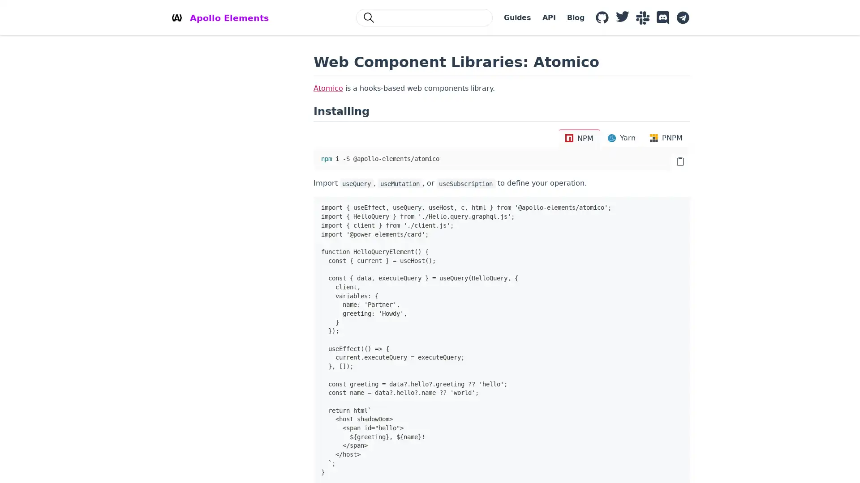 The image size is (860, 483). What do you see at coordinates (680, 161) in the screenshot?
I see `copy` at bounding box center [680, 161].